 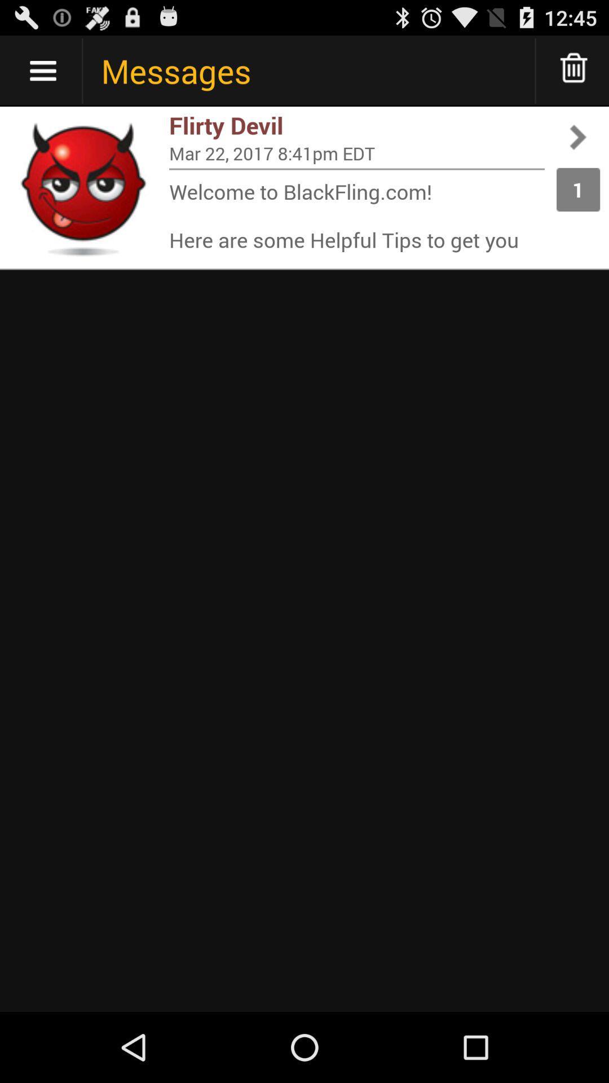 What do you see at coordinates (356, 152) in the screenshot?
I see `the icon next to the 1 item` at bounding box center [356, 152].